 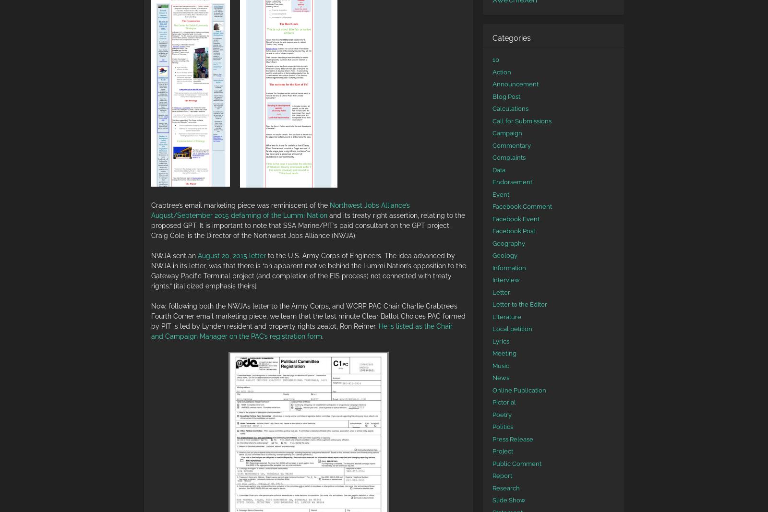 I want to click on 'Letter to the Editor', so click(x=520, y=304).